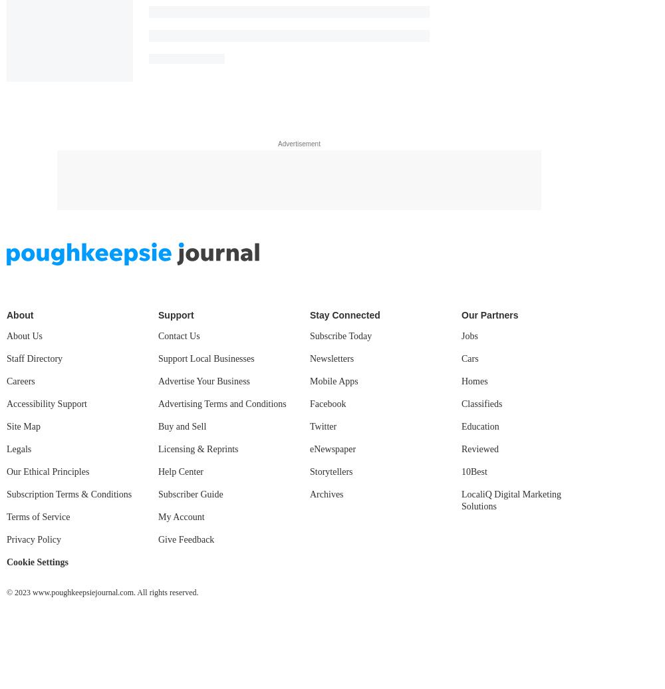  Describe the element at coordinates (102, 592) in the screenshot. I see `'© 2023 www.poughkeepsiejournal.com. All rights reserved.'` at that location.